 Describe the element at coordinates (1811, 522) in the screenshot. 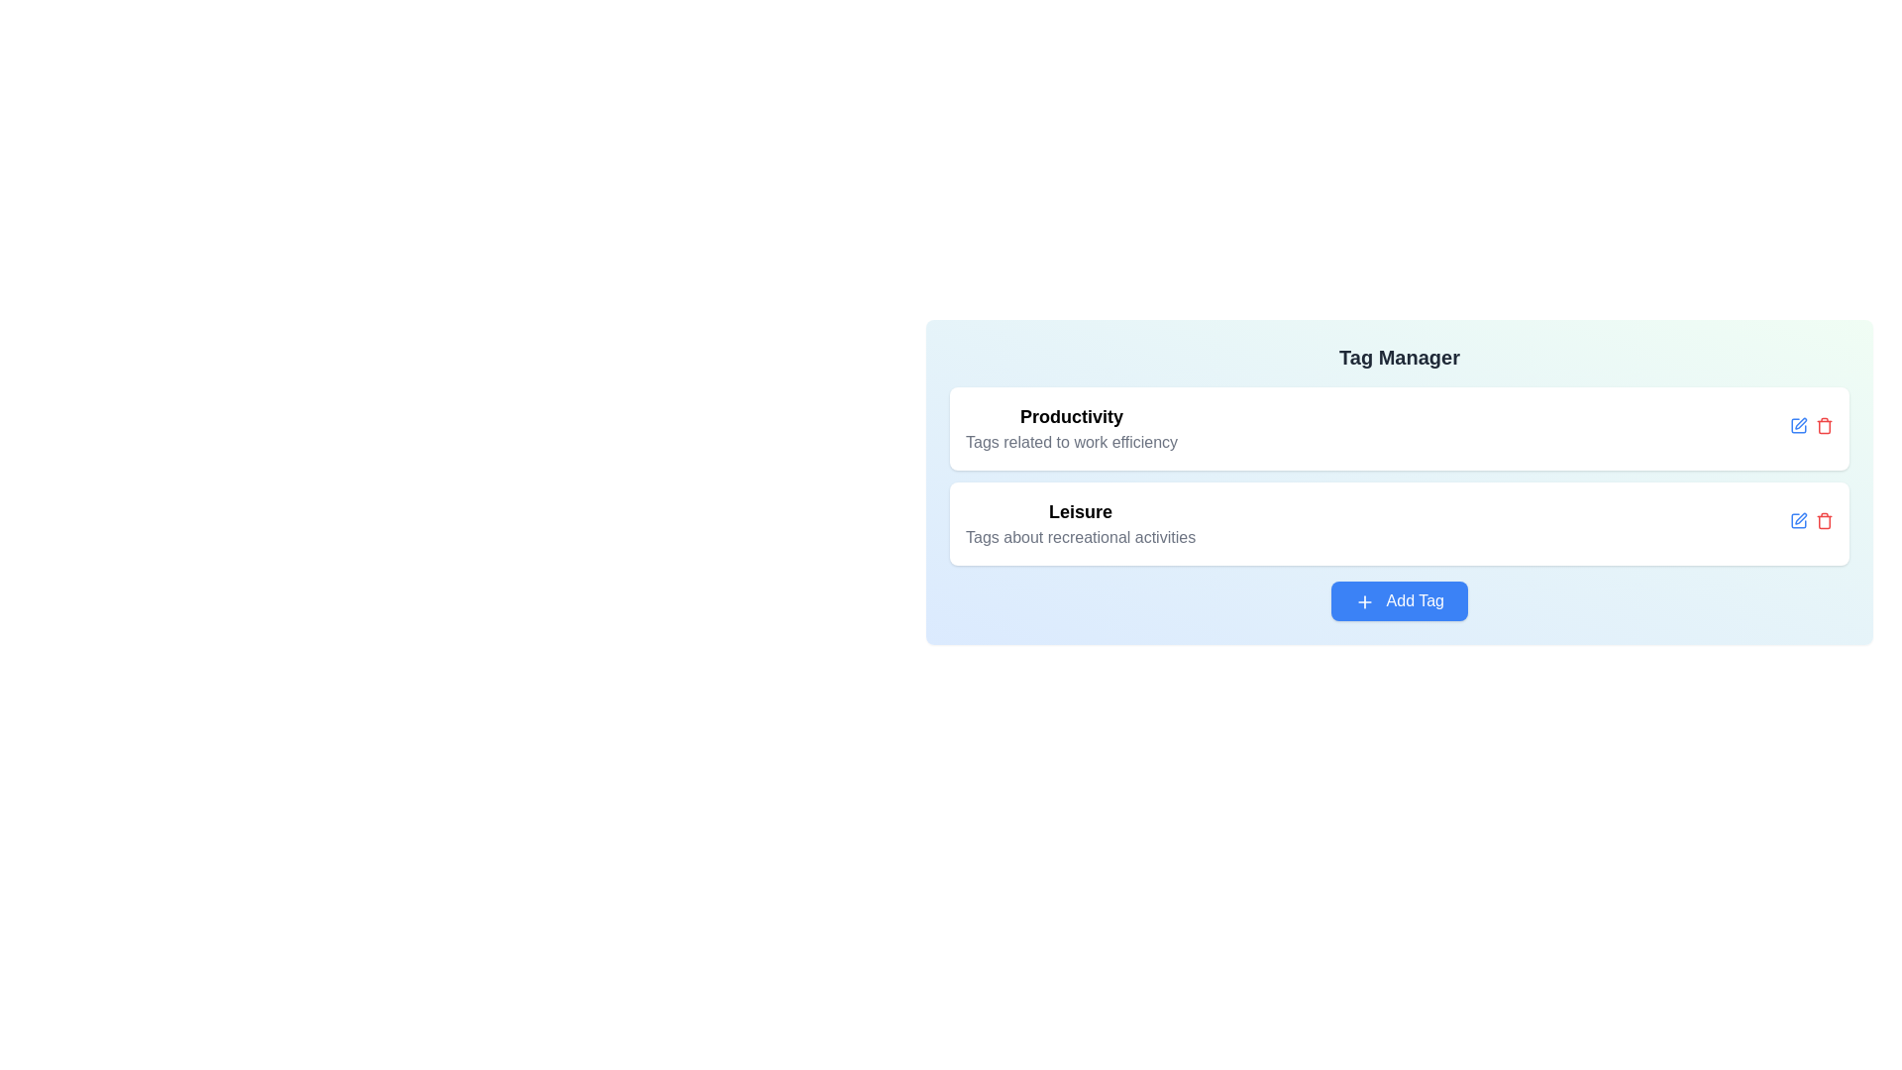

I see `the set of actionable icons (edit and delete) positioned in the rightmost portion of the 'Leisure' entry, adjacent to the text 'Tags about recreational activities' for interactive feedback` at that location.